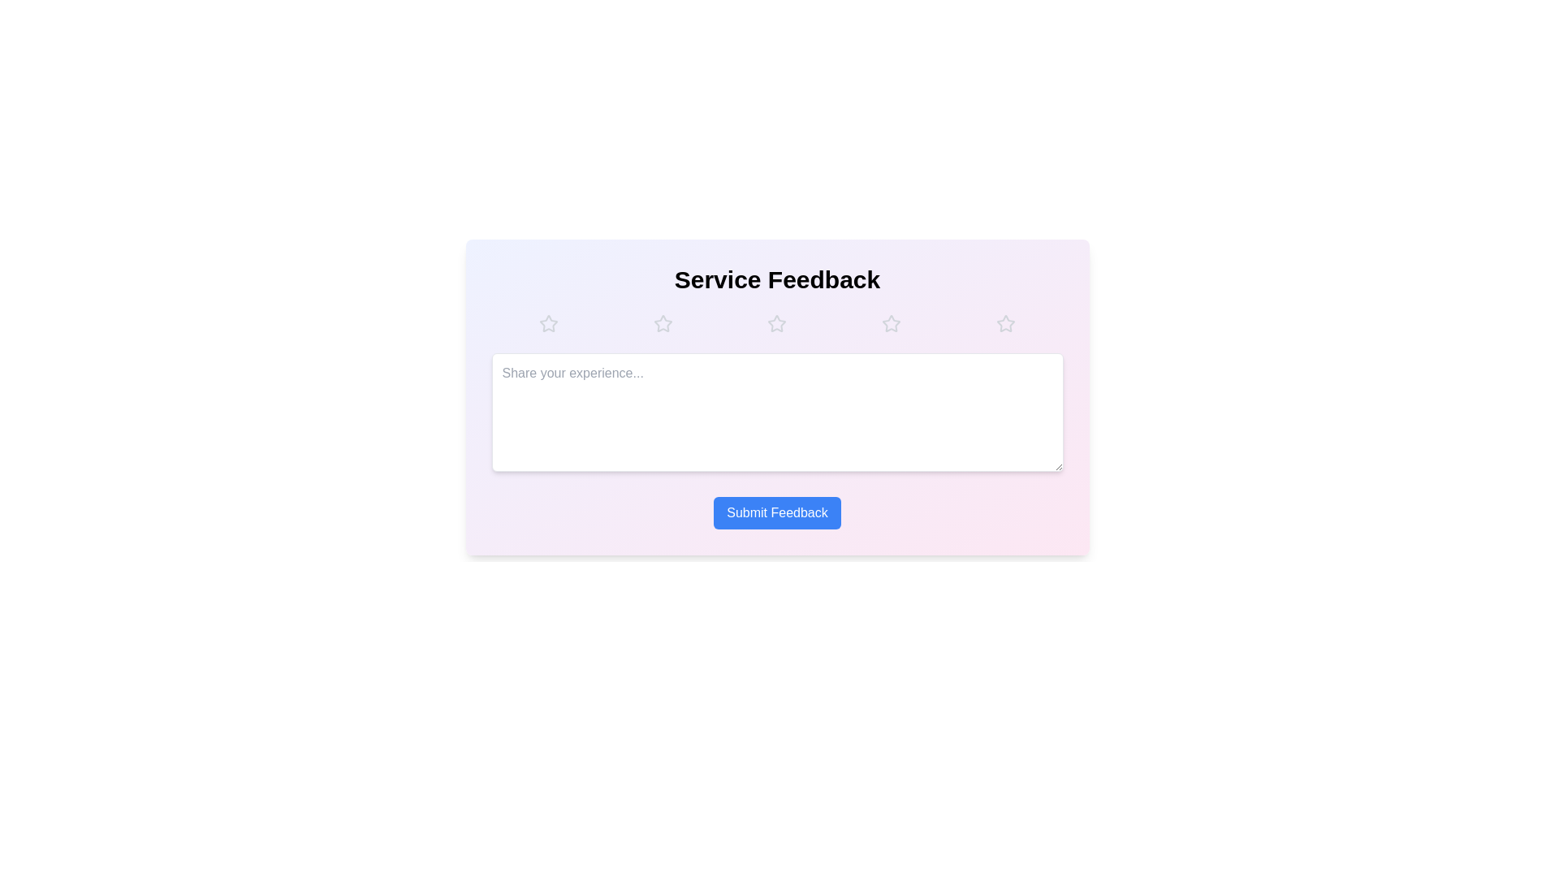 The image size is (1559, 877). I want to click on the star corresponding to the desired rating 3, so click(776, 323).